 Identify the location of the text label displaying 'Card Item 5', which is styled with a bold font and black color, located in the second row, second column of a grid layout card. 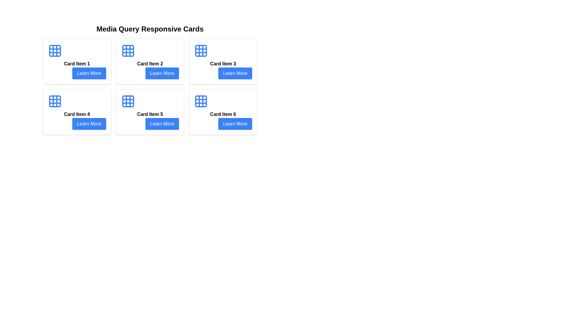
(150, 114).